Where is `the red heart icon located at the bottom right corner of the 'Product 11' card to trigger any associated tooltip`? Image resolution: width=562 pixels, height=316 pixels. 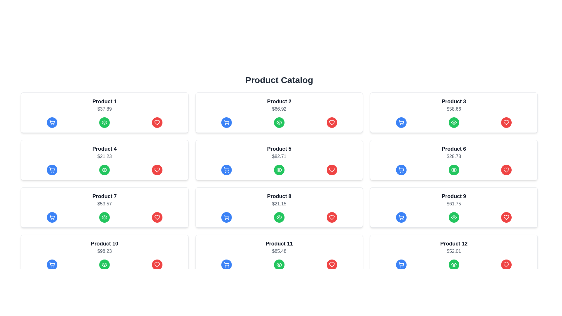
the red heart icon located at the bottom right corner of the 'Product 11' card to trigger any associated tooltip is located at coordinates (332, 265).